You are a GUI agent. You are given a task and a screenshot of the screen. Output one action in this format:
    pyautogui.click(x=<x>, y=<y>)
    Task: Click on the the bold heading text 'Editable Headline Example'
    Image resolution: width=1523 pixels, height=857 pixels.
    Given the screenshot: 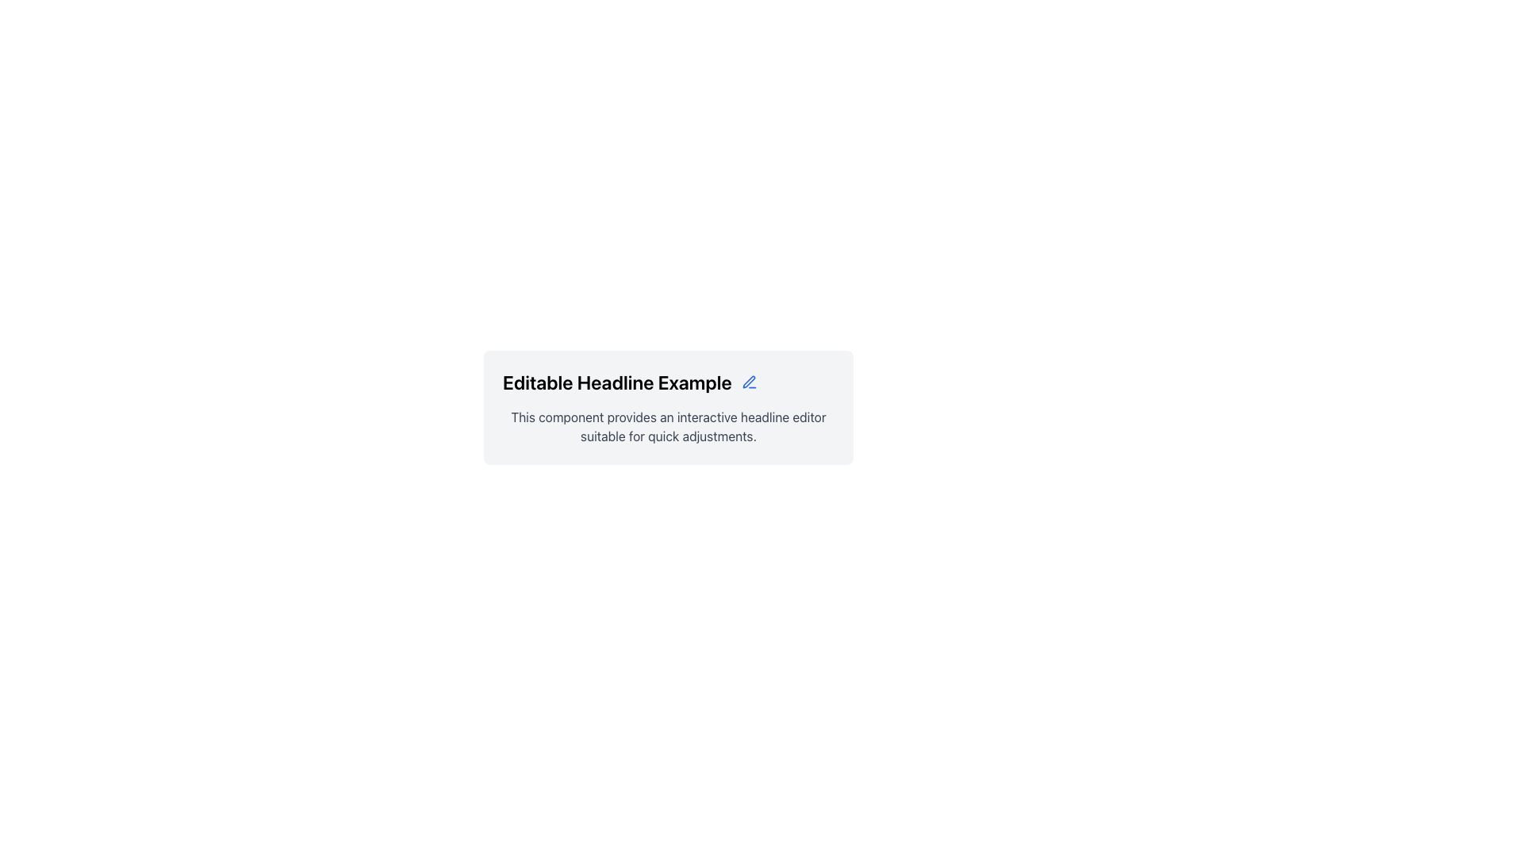 What is the action you would take?
    pyautogui.click(x=669, y=382)
    